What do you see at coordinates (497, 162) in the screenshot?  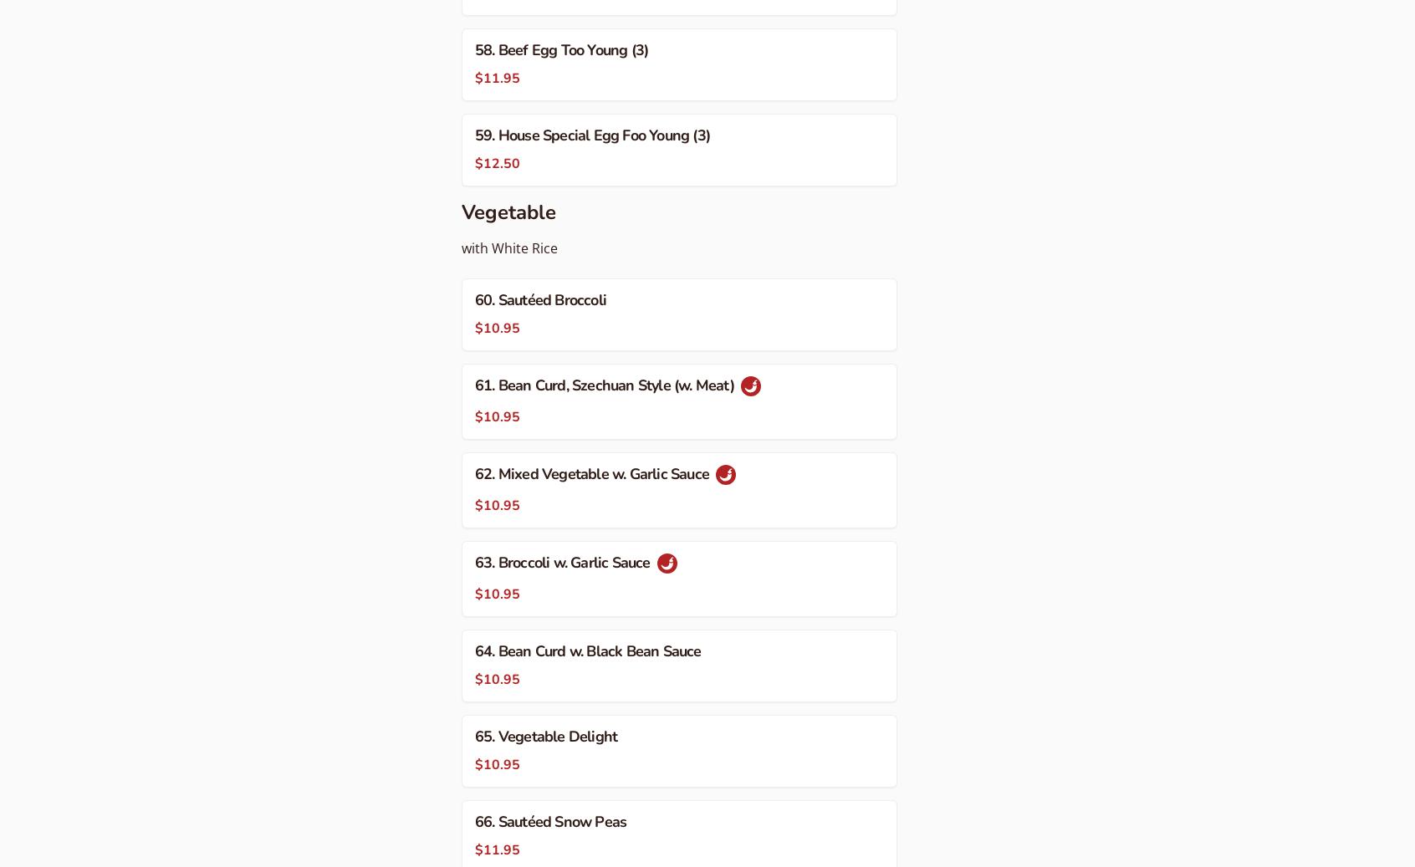 I see `'$12.50'` at bounding box center [497, 162].